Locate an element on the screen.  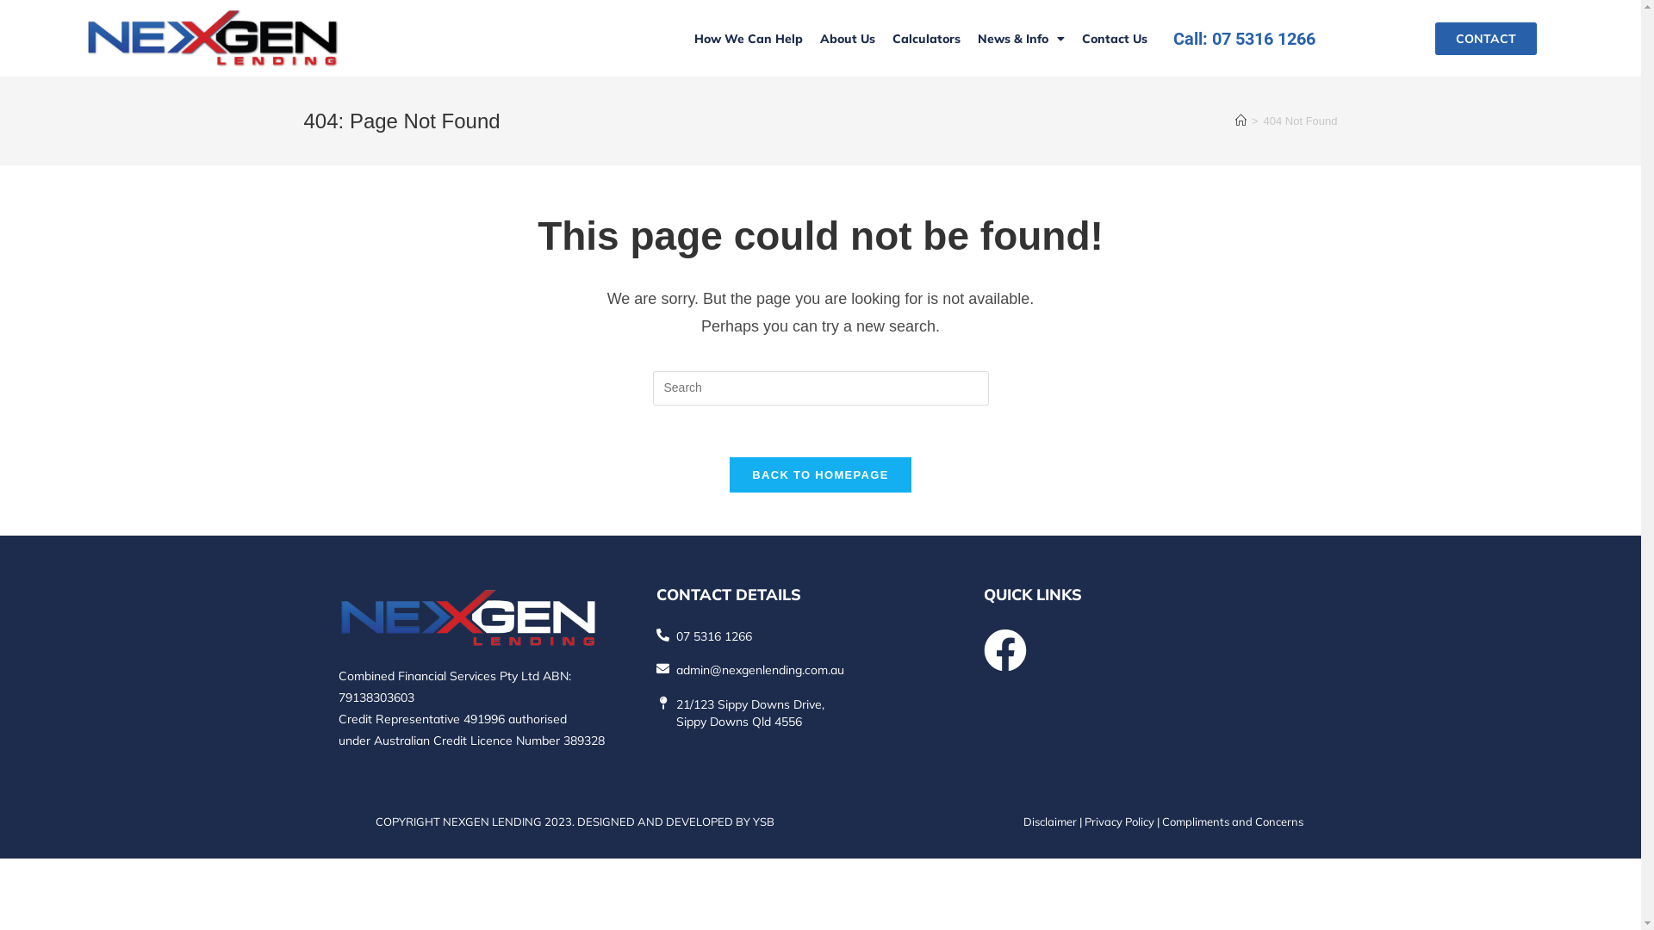
'Privacy Policy' is located at coordinates (1118, 820).